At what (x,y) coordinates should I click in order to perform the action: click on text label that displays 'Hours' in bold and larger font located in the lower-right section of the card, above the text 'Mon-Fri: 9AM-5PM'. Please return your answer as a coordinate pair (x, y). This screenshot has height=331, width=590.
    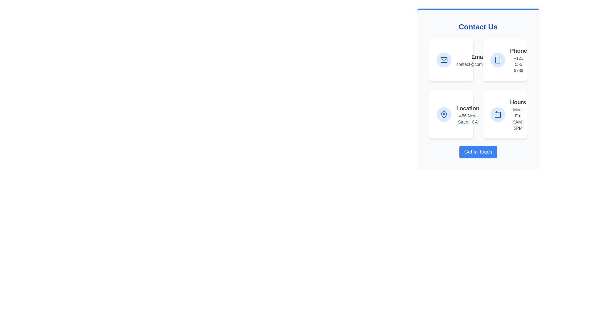
    Looking at the image, I should click on (517, 102).